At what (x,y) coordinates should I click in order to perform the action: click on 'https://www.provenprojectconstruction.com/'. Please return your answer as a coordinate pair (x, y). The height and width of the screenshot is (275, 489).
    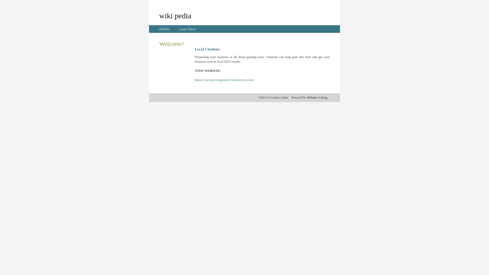
    Looking at the image, I should click on (224, 80).